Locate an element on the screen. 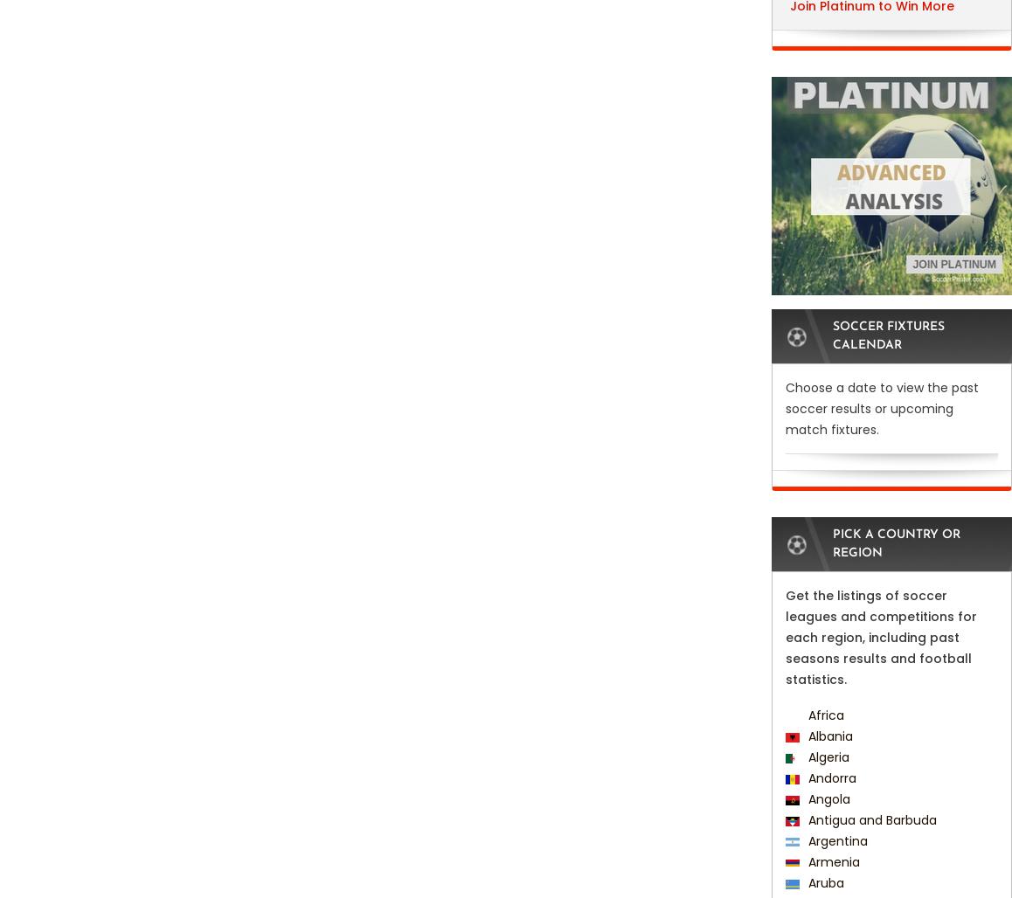 Image resolution: width=1012 pixels, height=898 pixels. 'Algeria' is located at coordinates (825, 756).